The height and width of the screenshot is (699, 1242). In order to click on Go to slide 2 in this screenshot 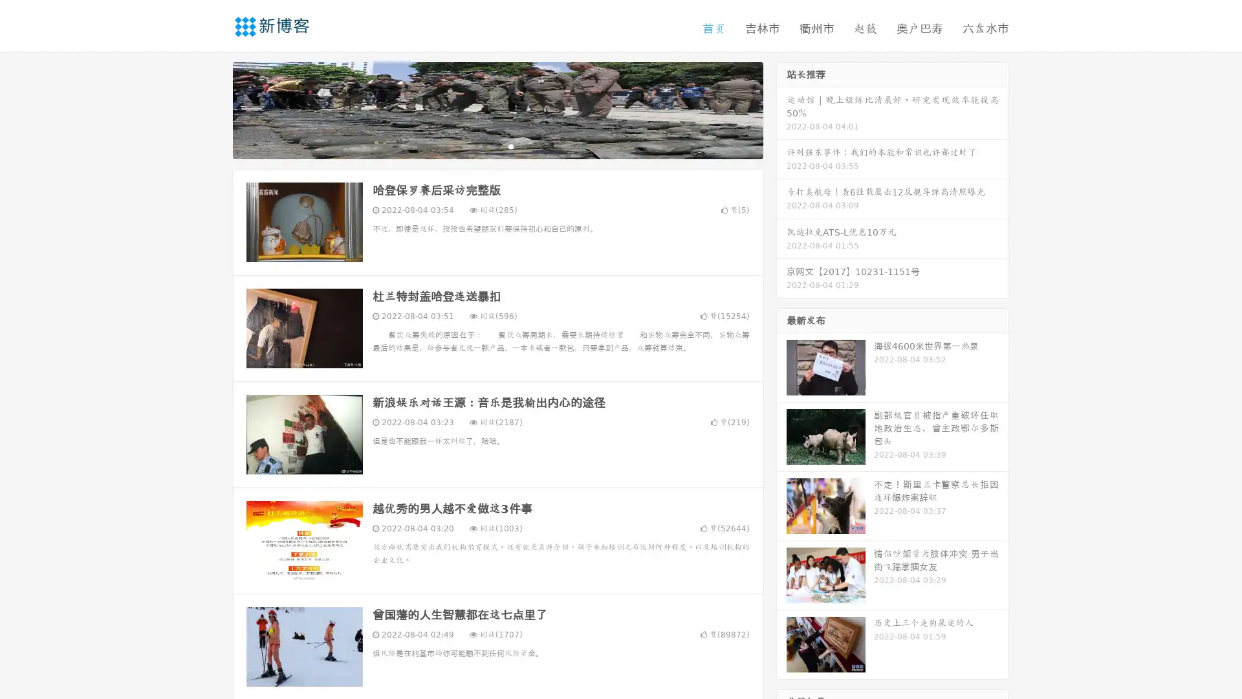, I will do `click(497, 146)`.